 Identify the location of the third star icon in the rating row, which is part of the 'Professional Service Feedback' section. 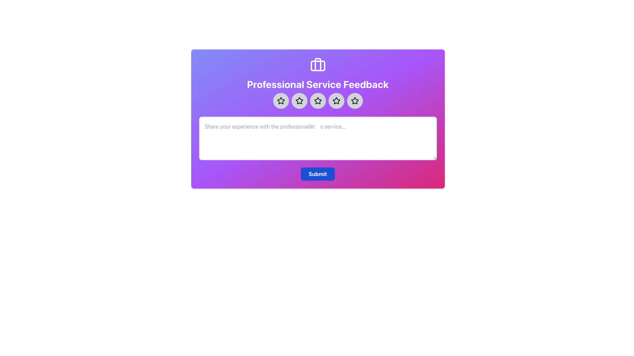
(318, 101).